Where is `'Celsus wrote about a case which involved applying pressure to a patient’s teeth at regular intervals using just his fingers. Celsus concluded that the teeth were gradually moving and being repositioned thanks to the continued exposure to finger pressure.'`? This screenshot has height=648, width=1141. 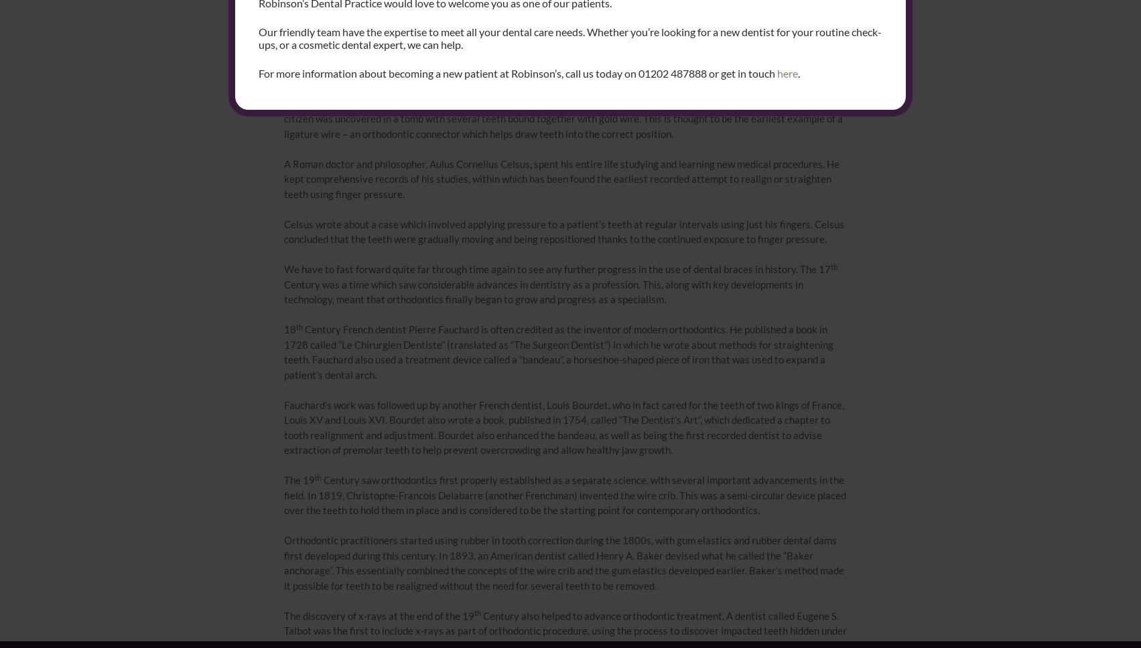 'Celsus wrote about a case which involved applying pressure to a patient’s teeth at regular intervals using just his fingers. Celsus concluded that the teeth were gradually moving and being repositioned thanks to the continued exposure to finger pressure.' is located at coordinates (563, 231).